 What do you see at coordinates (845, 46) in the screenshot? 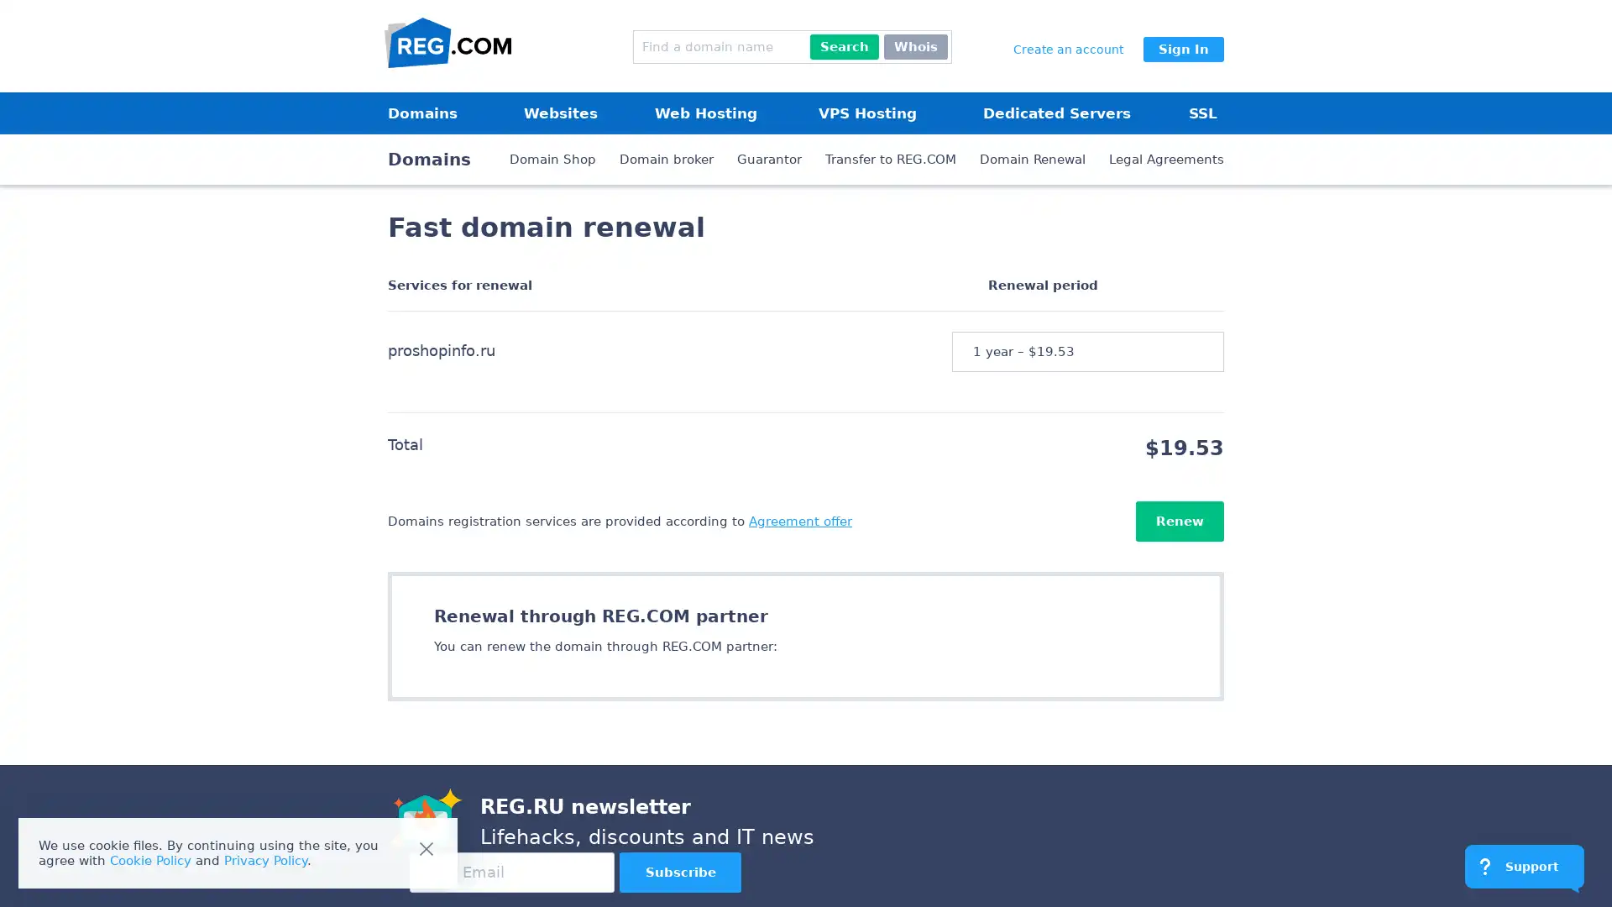
I see `Search` at bounding box center [845, 46].